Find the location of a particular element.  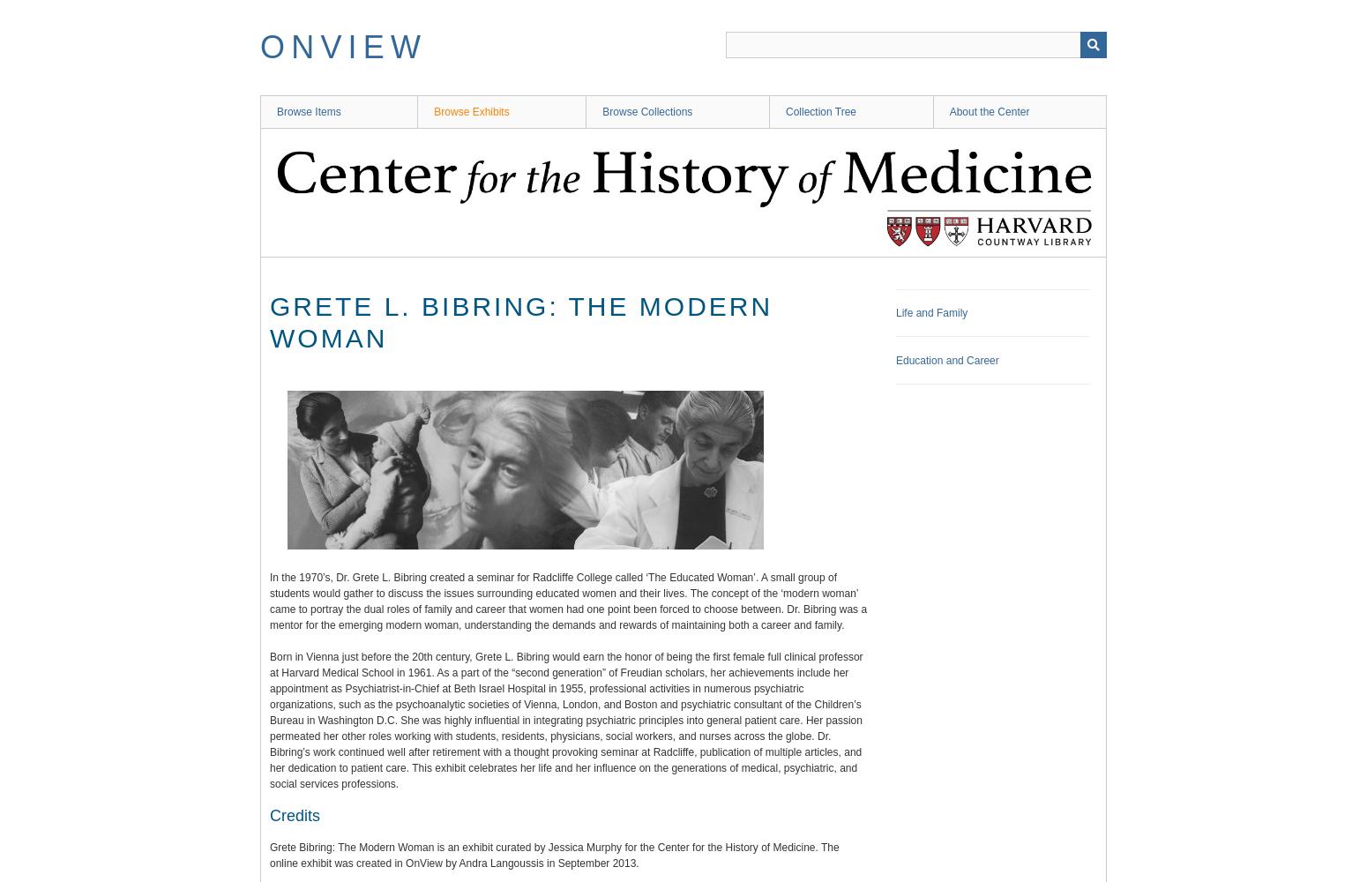

'Browse Items' is located at coordinates (307, 112).